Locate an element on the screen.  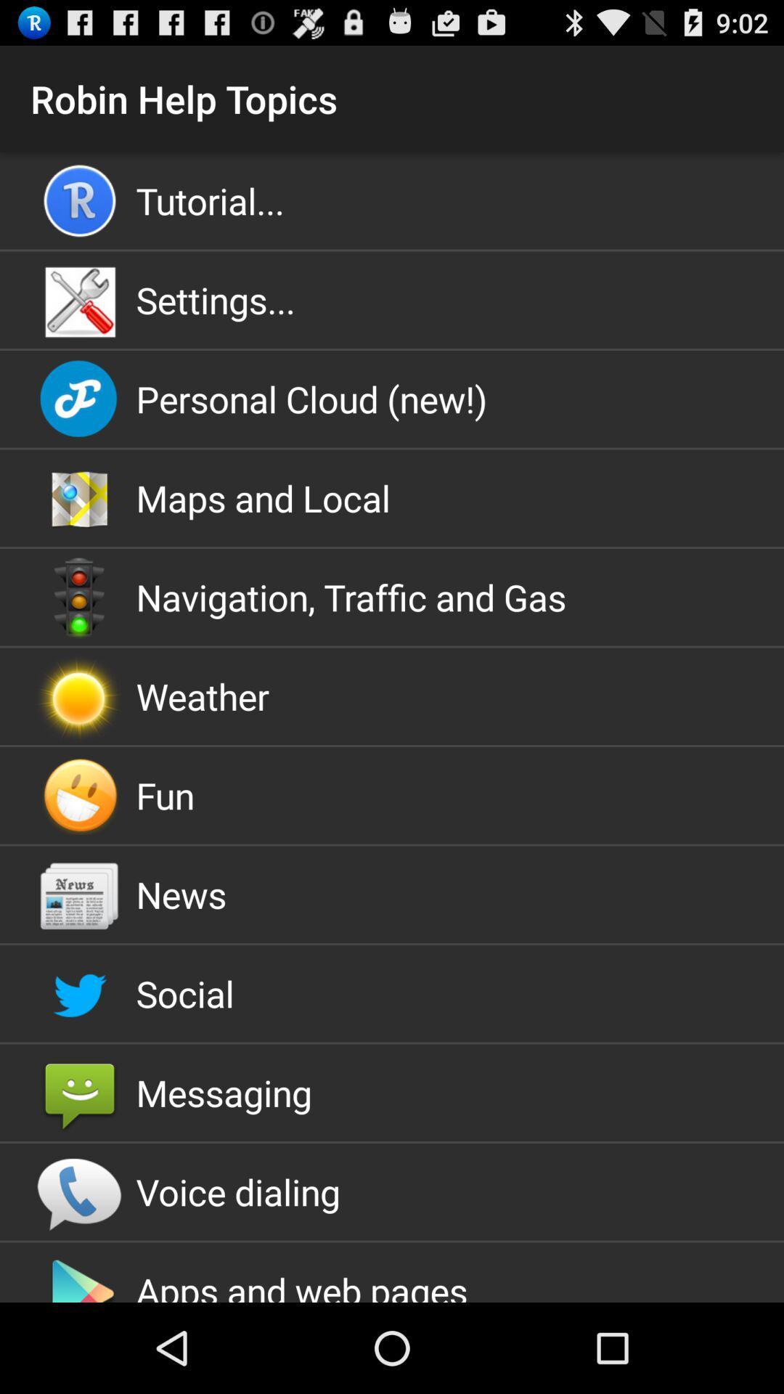
icon below  social item is located at coordinates (392, 1093).